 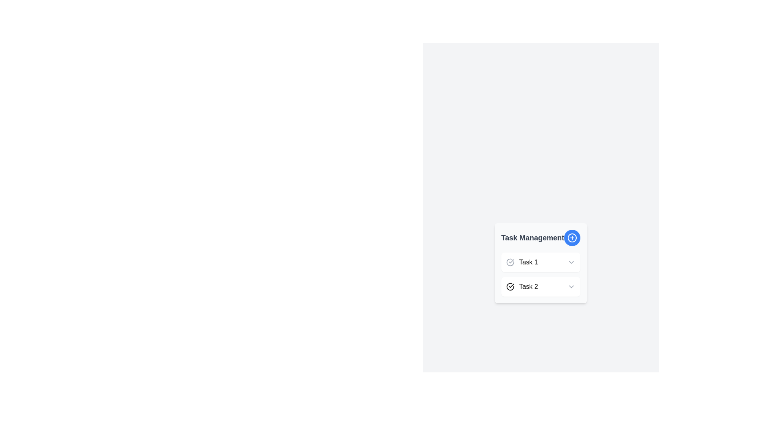 What do you see at coordinates (528, 286) in the screenshot?
I see `the 'Task 2' label, which is a bold text element aligned horizontally, positioned to the right of a checkmark icon in the task management list` at bounding box center [528, 286].